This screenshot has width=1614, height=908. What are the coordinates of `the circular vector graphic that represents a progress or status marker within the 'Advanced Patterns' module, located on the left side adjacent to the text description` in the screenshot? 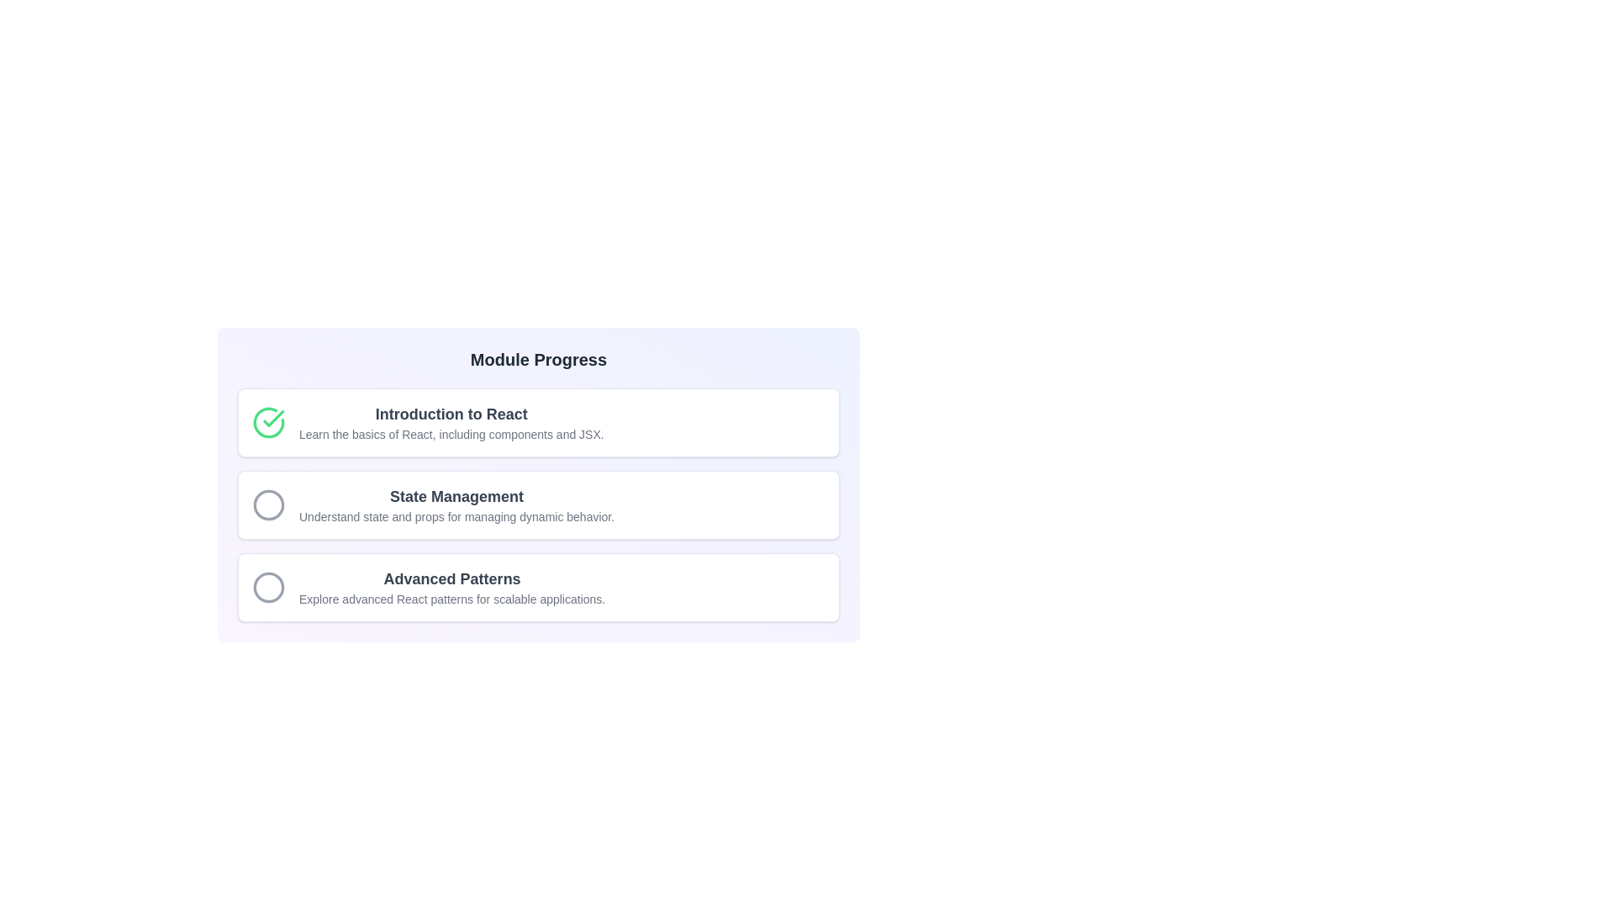 It's located at (269, 586).